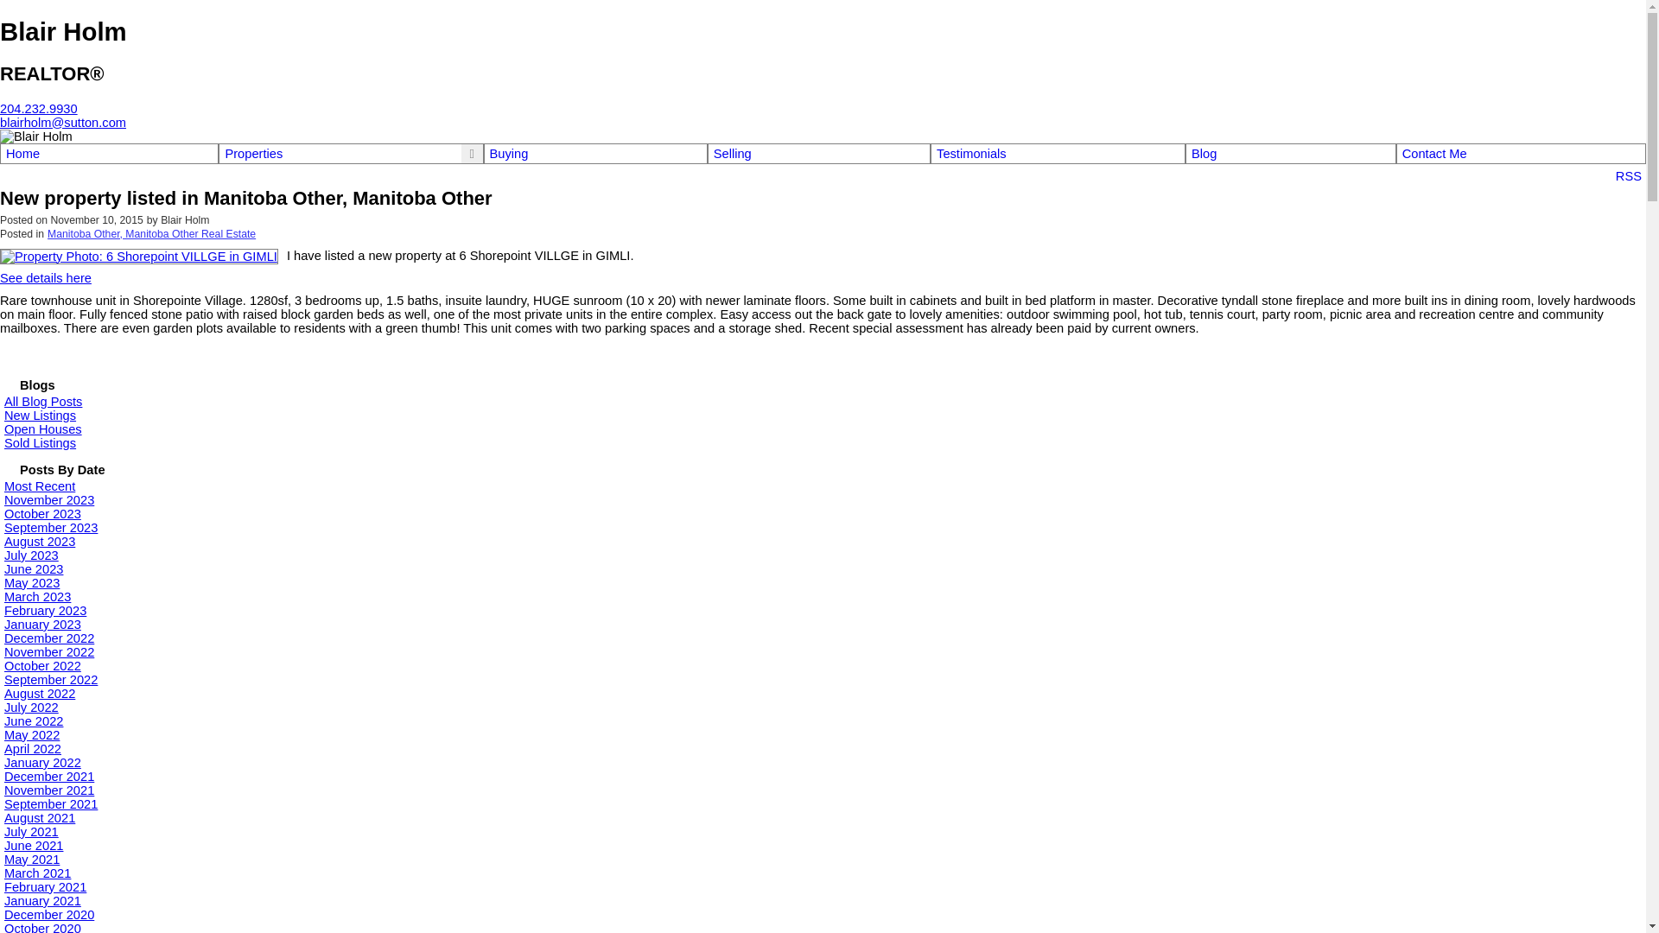 The image size is (1659, 933). What do you see at coordinates (45, 886) in the screenshot?
I see `'February 2021'` at bounding box center [45, 886].